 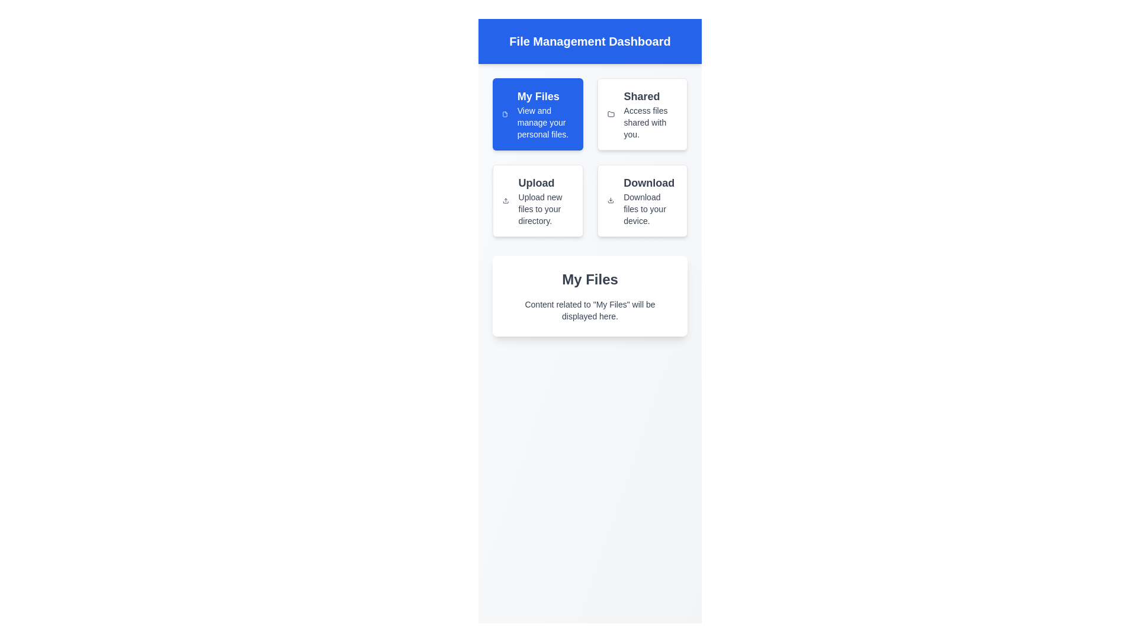 I want to click on prominent heading text 'My Files', which is styled in a larger font size and located below the 'File Management Dashboard' heading, so click(x=590, y=279).